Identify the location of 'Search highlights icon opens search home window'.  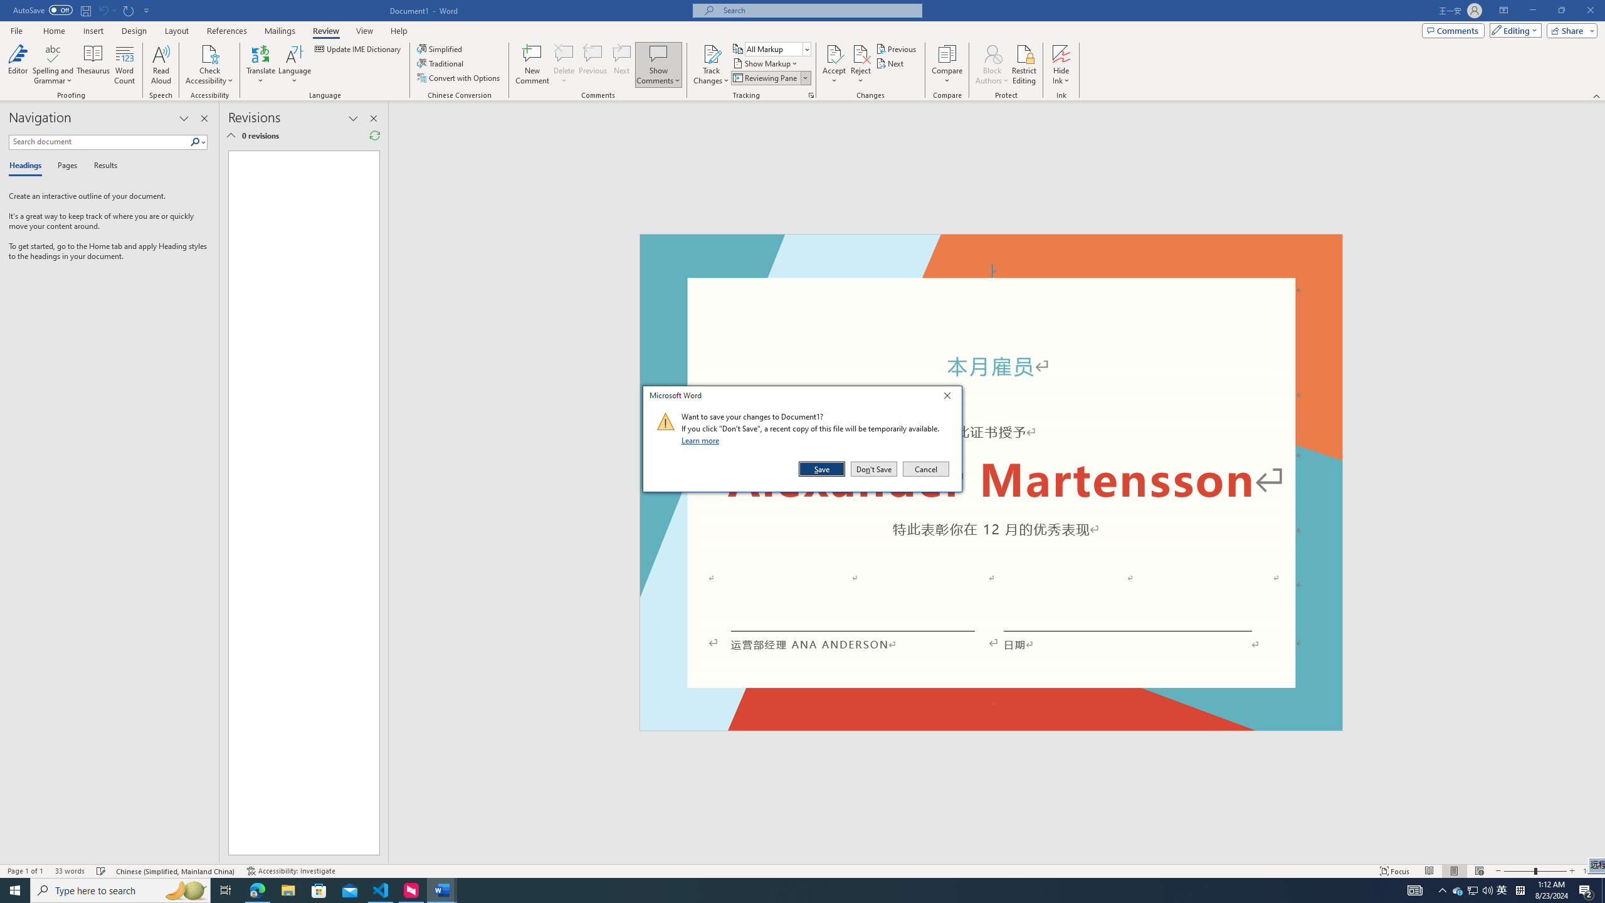
(184, 889).